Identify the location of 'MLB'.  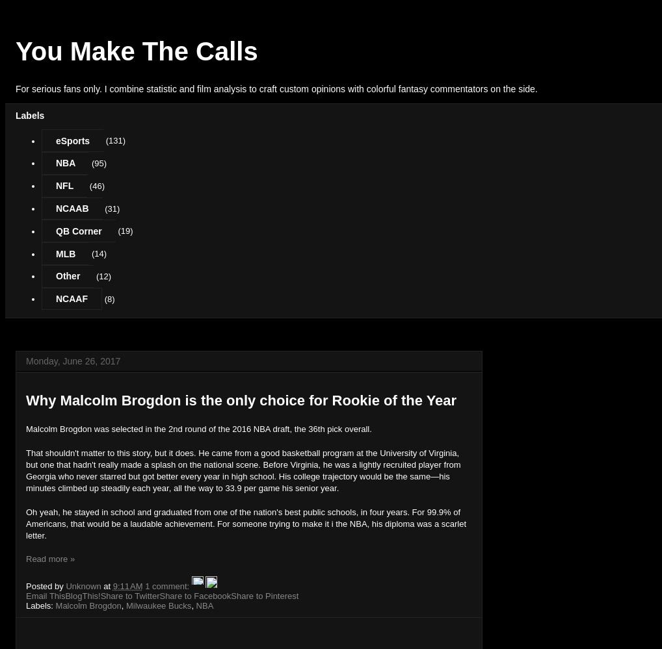
(65, 253).